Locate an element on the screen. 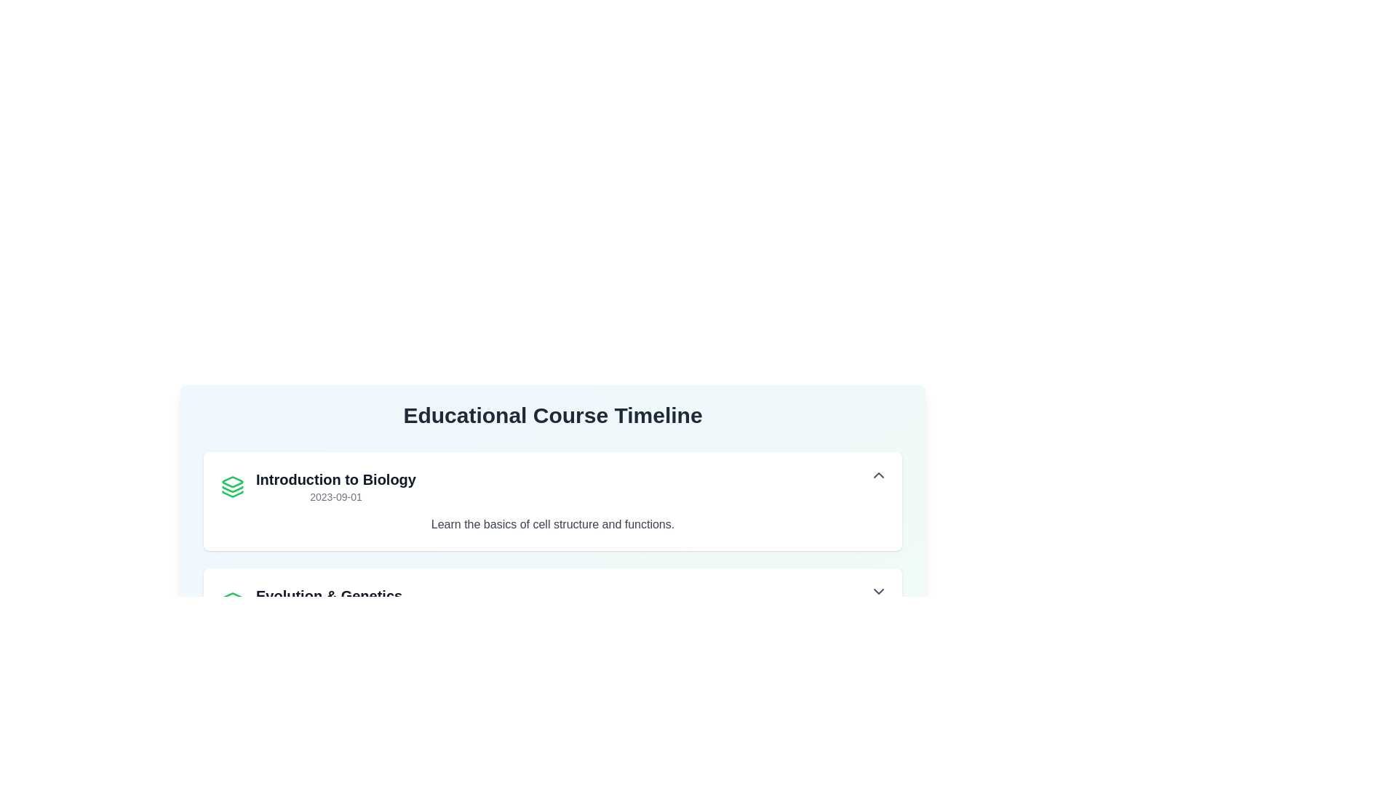 The image size is (1397, 785). the downward-pointing chevron icon styled in dark gray, located at the top-right corner of the 'Evolution & Genetics' card, to observe hover effects is located at coordinates (878, 591).